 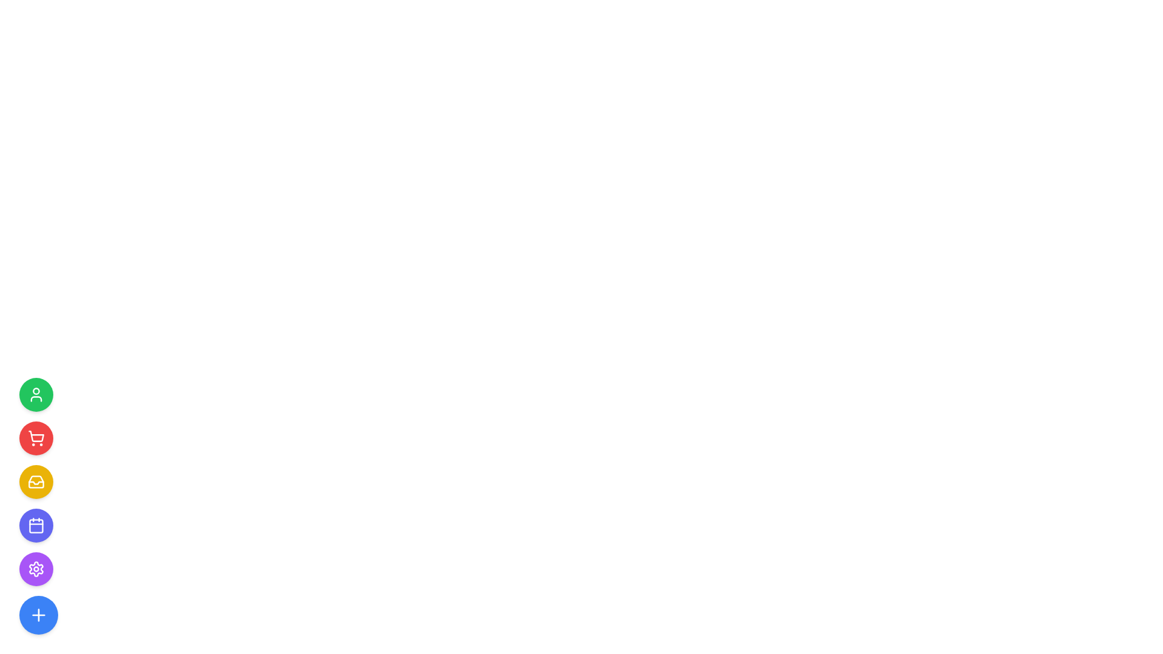 What do you see at coordinates (36, 569) in the screenshot?
I see `the purple gear-shaped graphical icon representing settings in the vertical navigation menu, which is the fifth item from the top` at bounding box center [36, 569].